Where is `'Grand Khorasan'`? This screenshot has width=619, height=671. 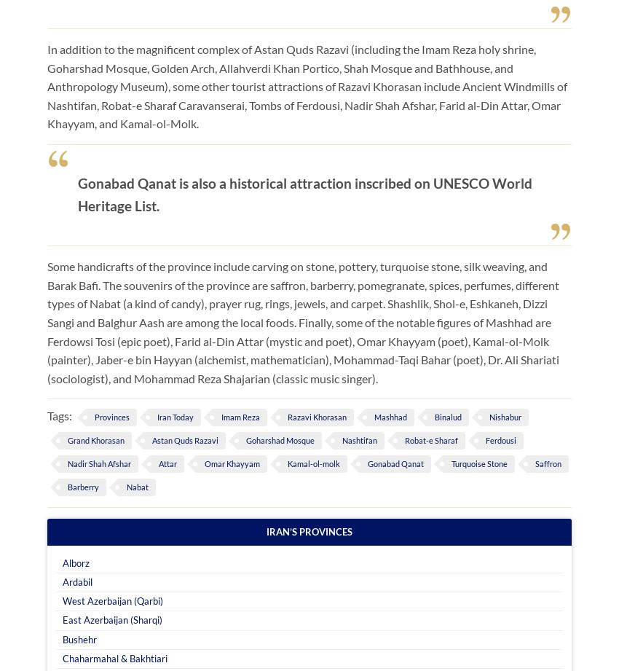
'Grand Khorasan' is located at coordinates (96, 439).